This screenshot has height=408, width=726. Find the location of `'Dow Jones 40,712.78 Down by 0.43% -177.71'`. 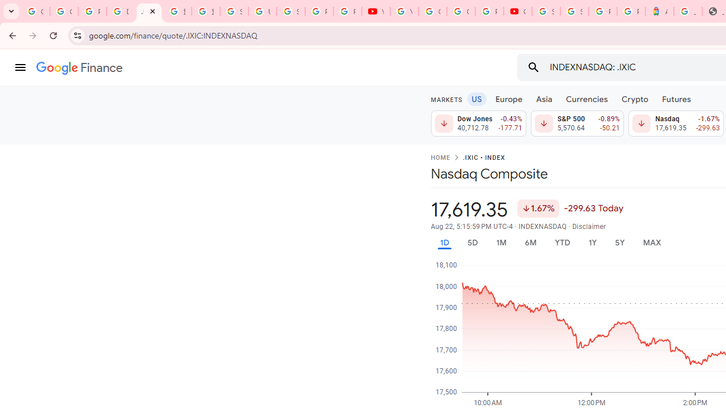

'Dow Jones 40,712.78 Down by 0.43% -177.71' is located at coordinates (478, 124).